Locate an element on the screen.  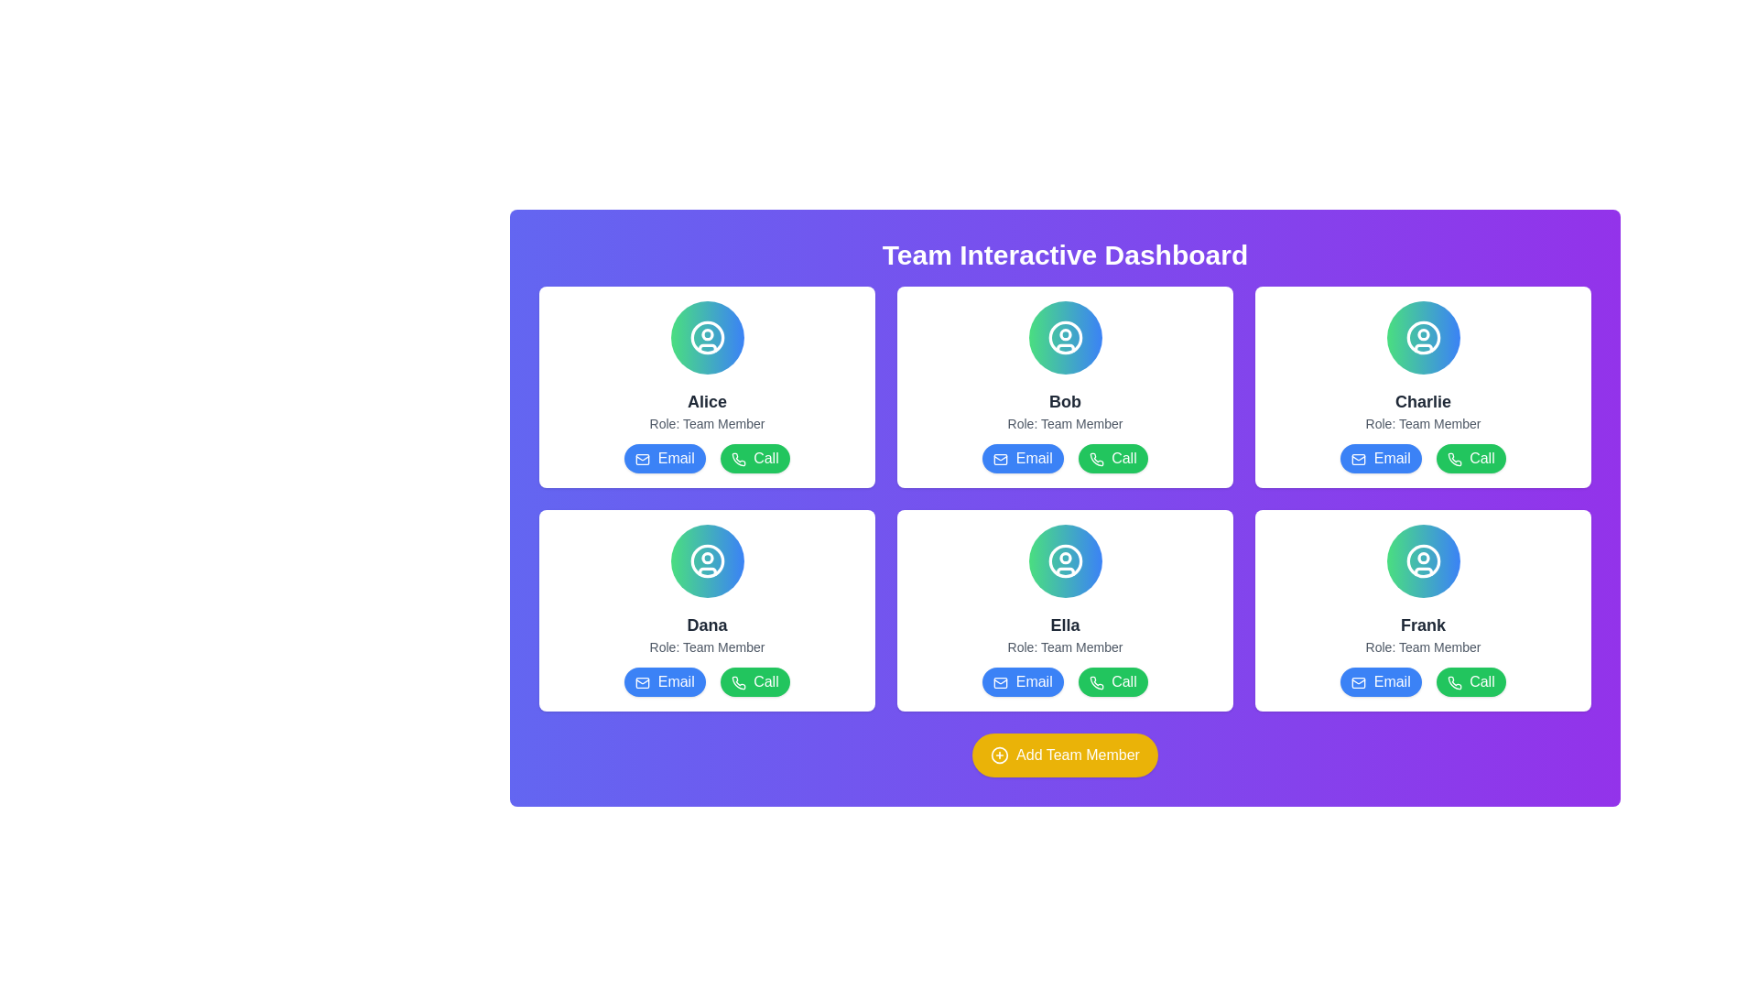
the first button in the two-button group under the 'Bob' profile card is located at coordinates (1022, 458).